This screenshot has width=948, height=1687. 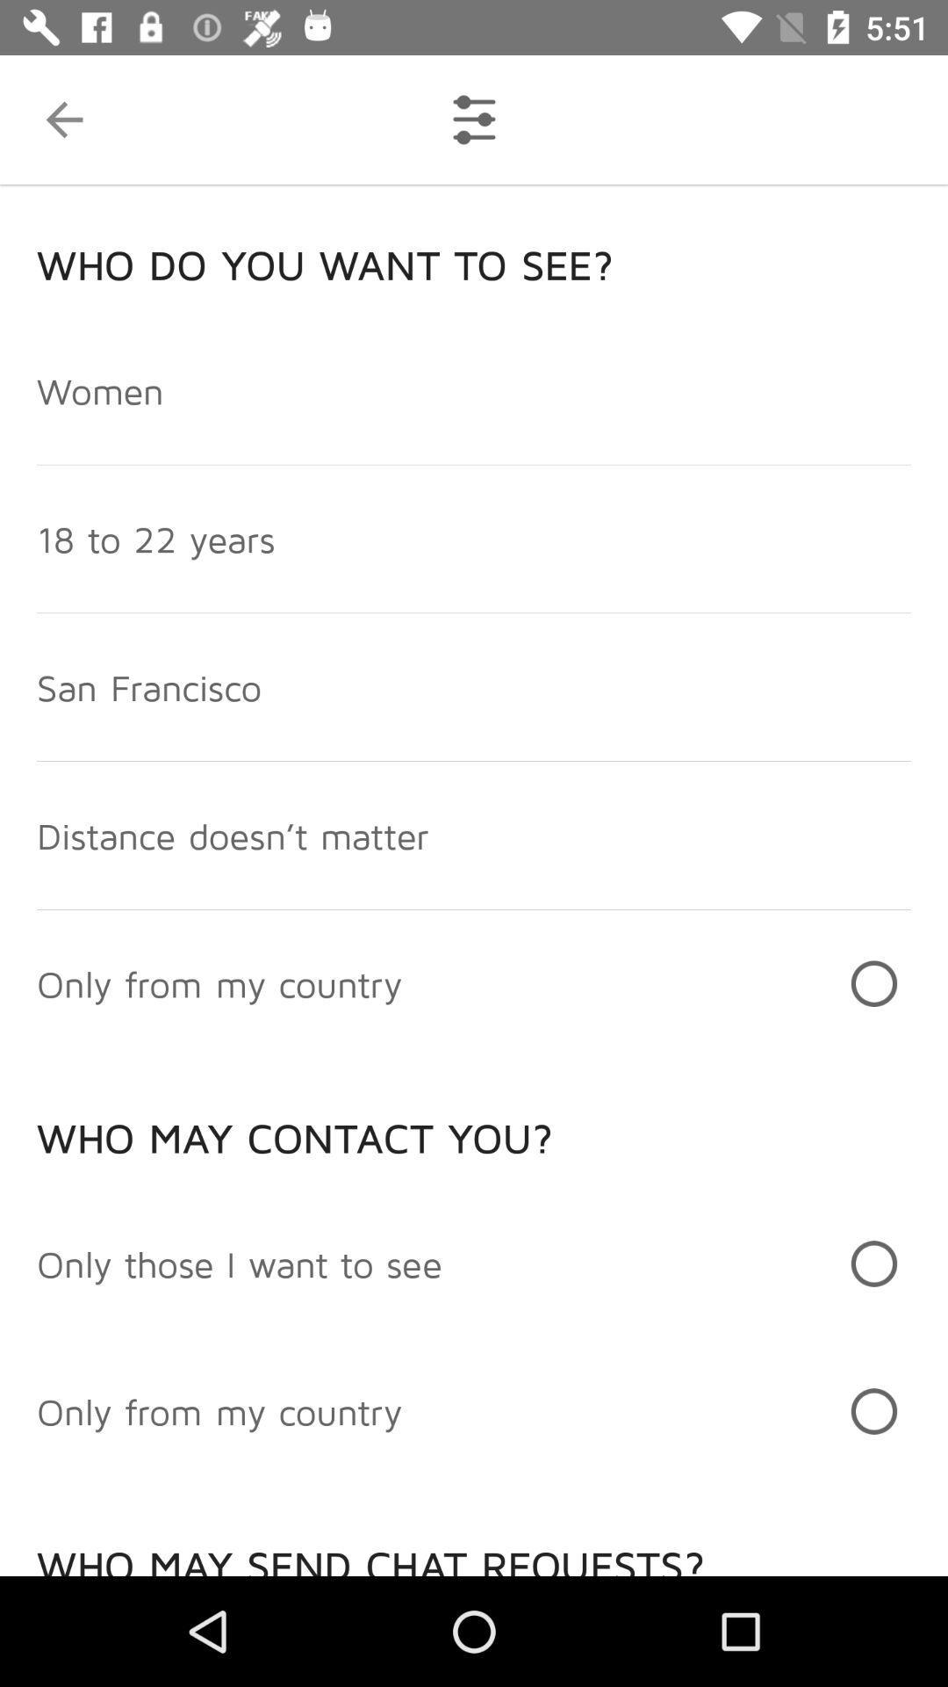 What do you see at coordinates (232, 834) in the screenshot?
I see `the distance doesn t` at bounding box center [232, 834].